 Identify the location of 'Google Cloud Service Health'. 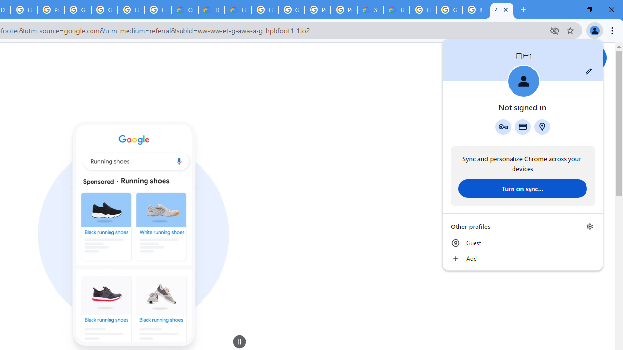
(397, 10).